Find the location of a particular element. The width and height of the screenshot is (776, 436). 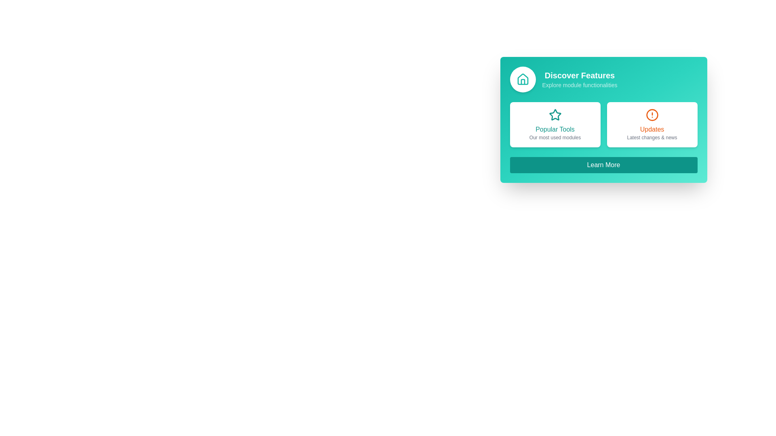

the circular visual element within the red alert icon located in the 'Discover Features' section, which is centered in the 'Updates' button is located at coordinates (652, 115).